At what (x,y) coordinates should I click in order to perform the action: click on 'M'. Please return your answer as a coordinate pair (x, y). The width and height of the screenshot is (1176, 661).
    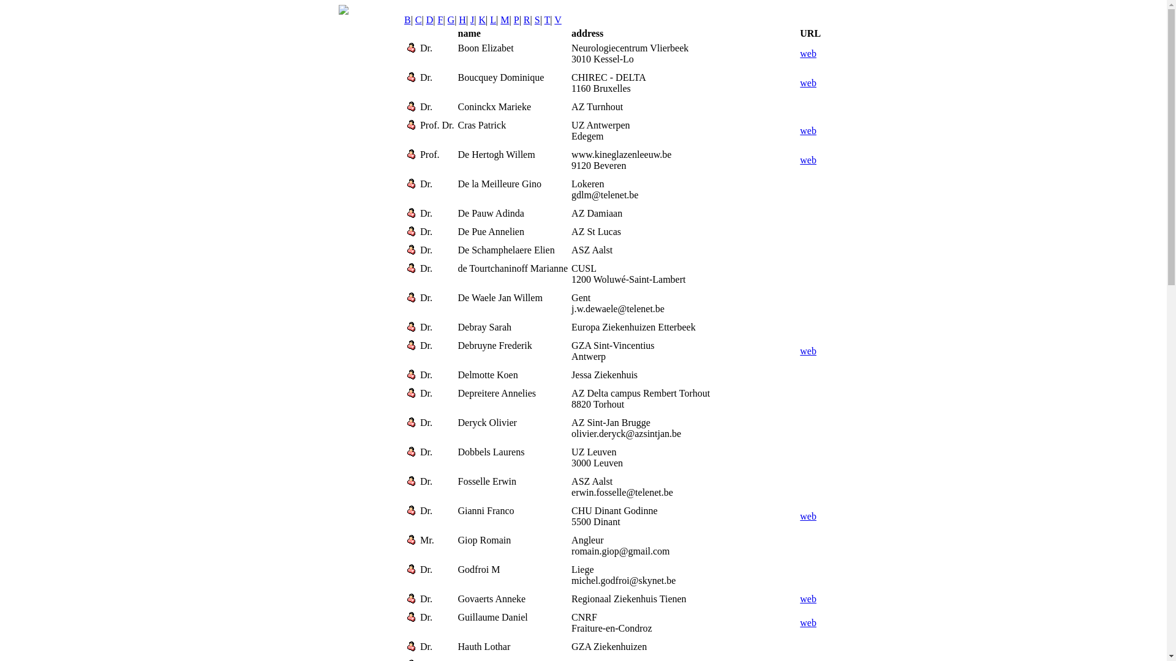
    Looking at the image, I should click on (500, 20).